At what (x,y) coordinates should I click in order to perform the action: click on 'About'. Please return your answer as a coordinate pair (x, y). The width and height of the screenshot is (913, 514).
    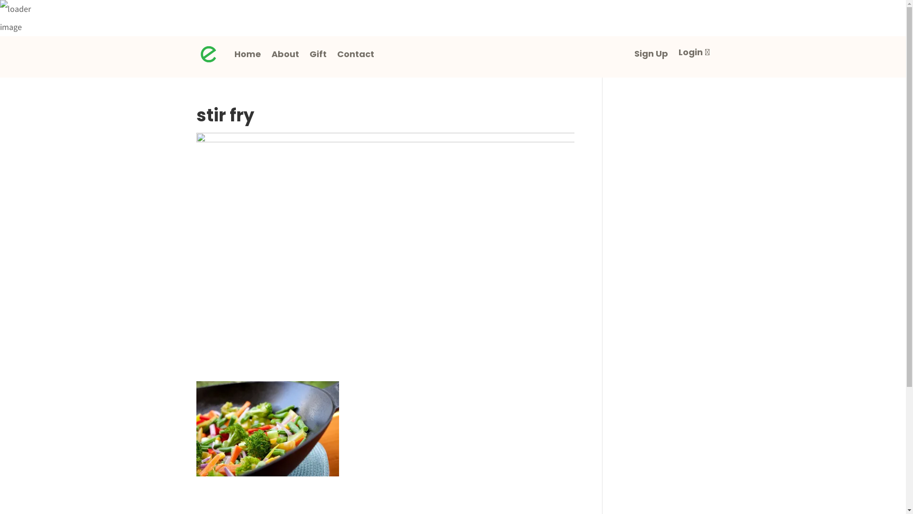
    Looking at the image, I should click on (271, 54).